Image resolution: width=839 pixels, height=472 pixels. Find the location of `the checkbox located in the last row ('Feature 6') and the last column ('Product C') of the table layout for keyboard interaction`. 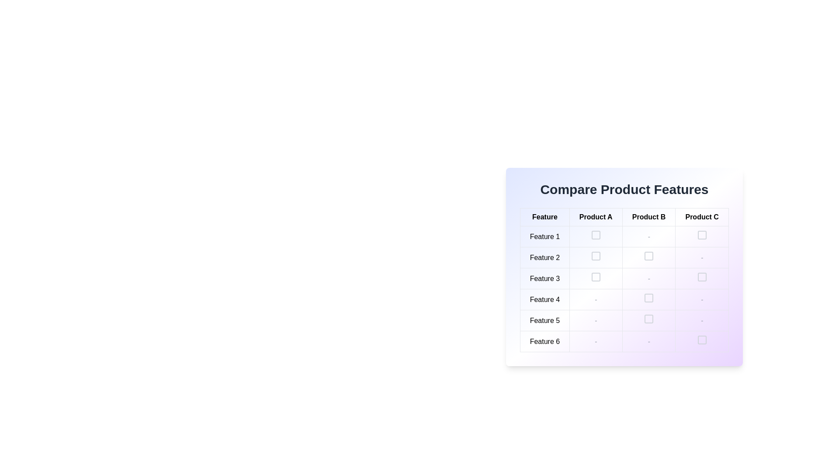

the checkbox located in the last row ('Feature 6') and the last column ('Product C') of the table layout for keyboard interaction is located at coordinates (702, 340).